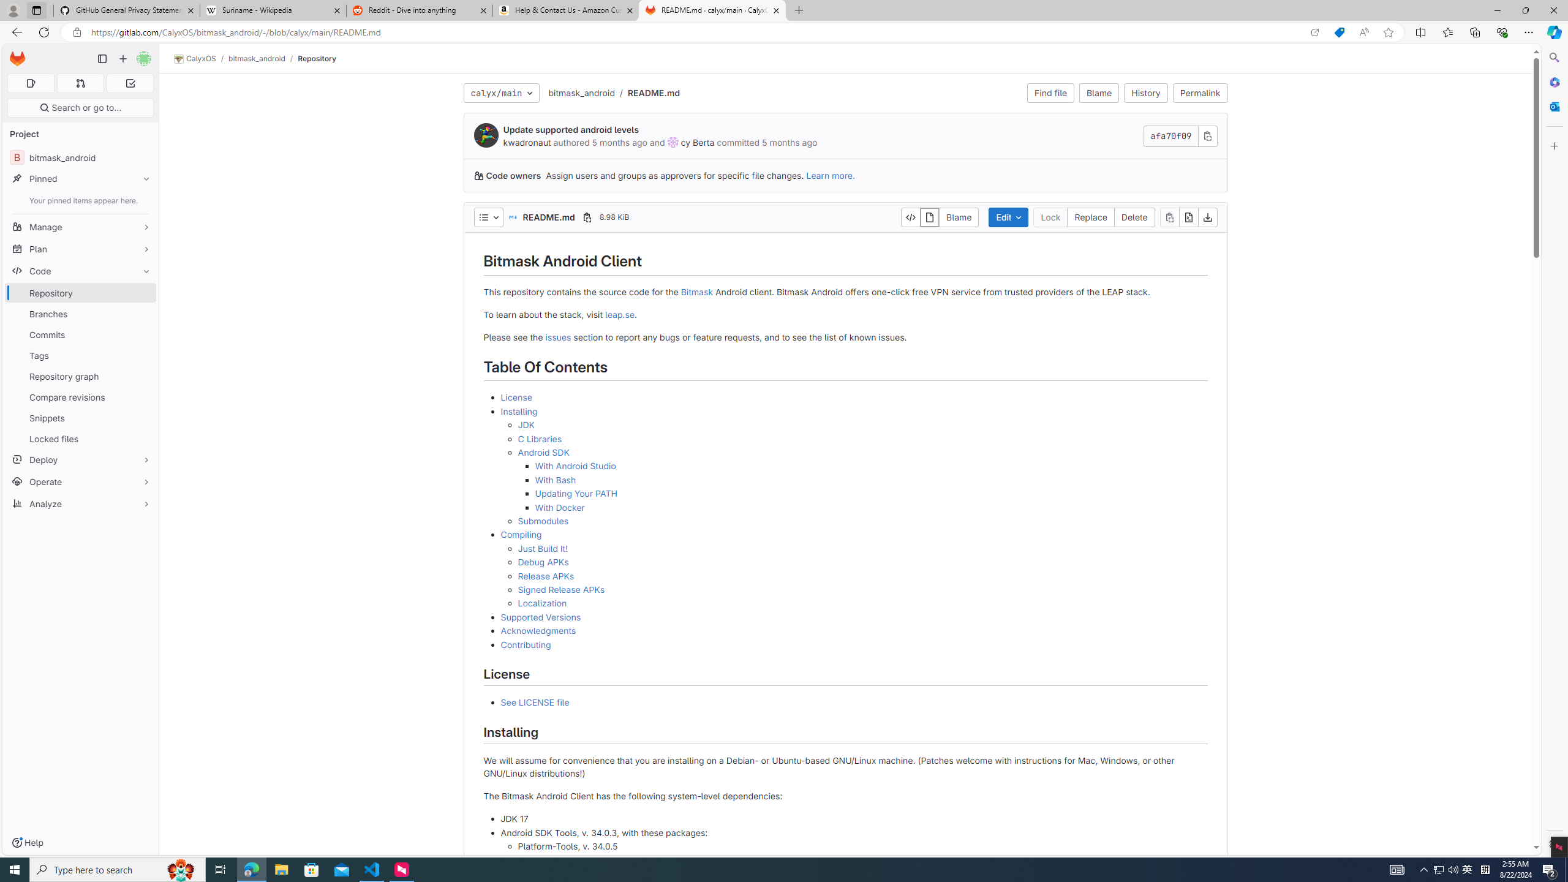 This screenshot has width=1568, height=882. What do you see at coordinates (575, 466) in the screenshot?
I see `'With Android Studio'` at bounding box center [575, 466].